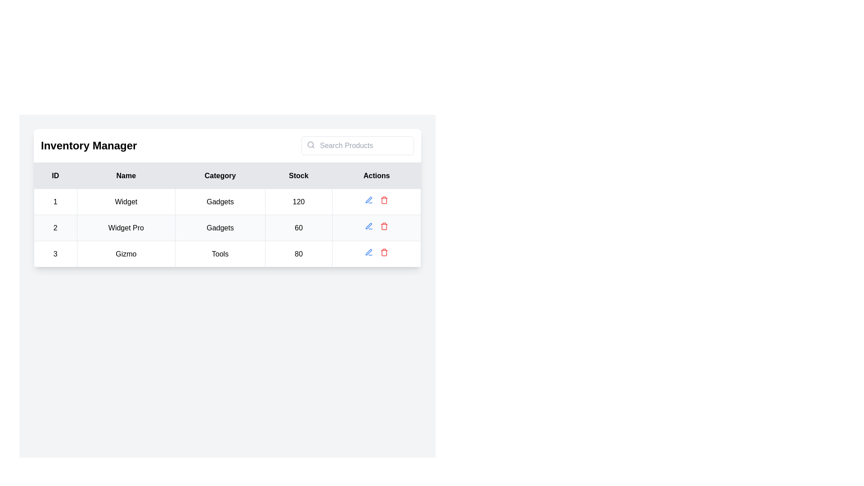 The height and width of the screenshot is (486, 864). I want to click on the product name text located in the second column of the inventory management table in the first row, so click(126, 201).